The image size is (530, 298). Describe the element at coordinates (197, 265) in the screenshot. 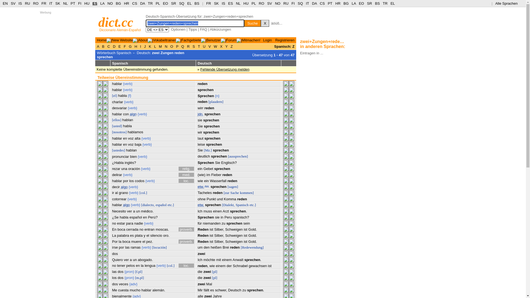

I see `'reden,'` at that location.